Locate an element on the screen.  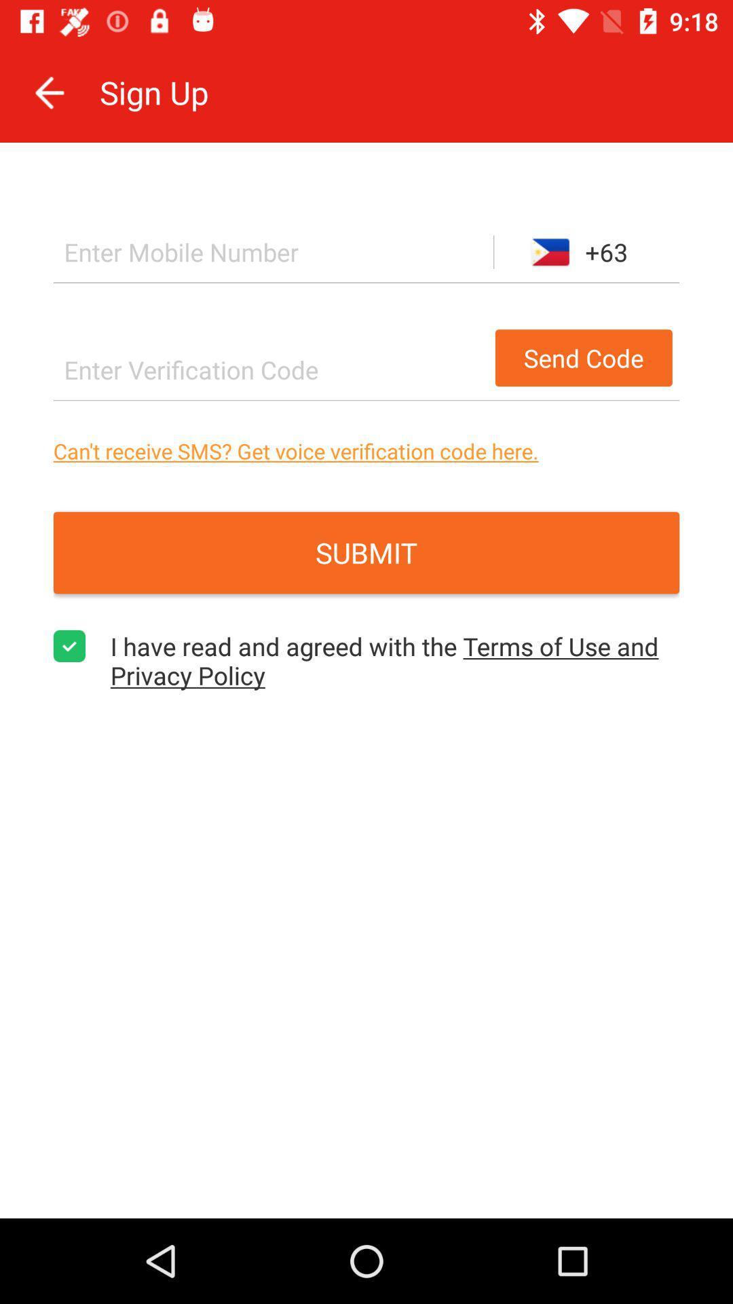
i have read icon is located at coordinates (395, 661).